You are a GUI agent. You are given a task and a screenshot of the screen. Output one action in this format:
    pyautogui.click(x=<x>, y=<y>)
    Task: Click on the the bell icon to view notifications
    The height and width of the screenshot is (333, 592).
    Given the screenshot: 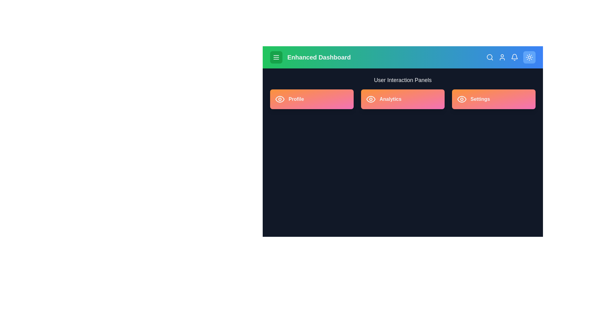 What is the action you would take?
    pyautogui.click(x=515, y=57)
    